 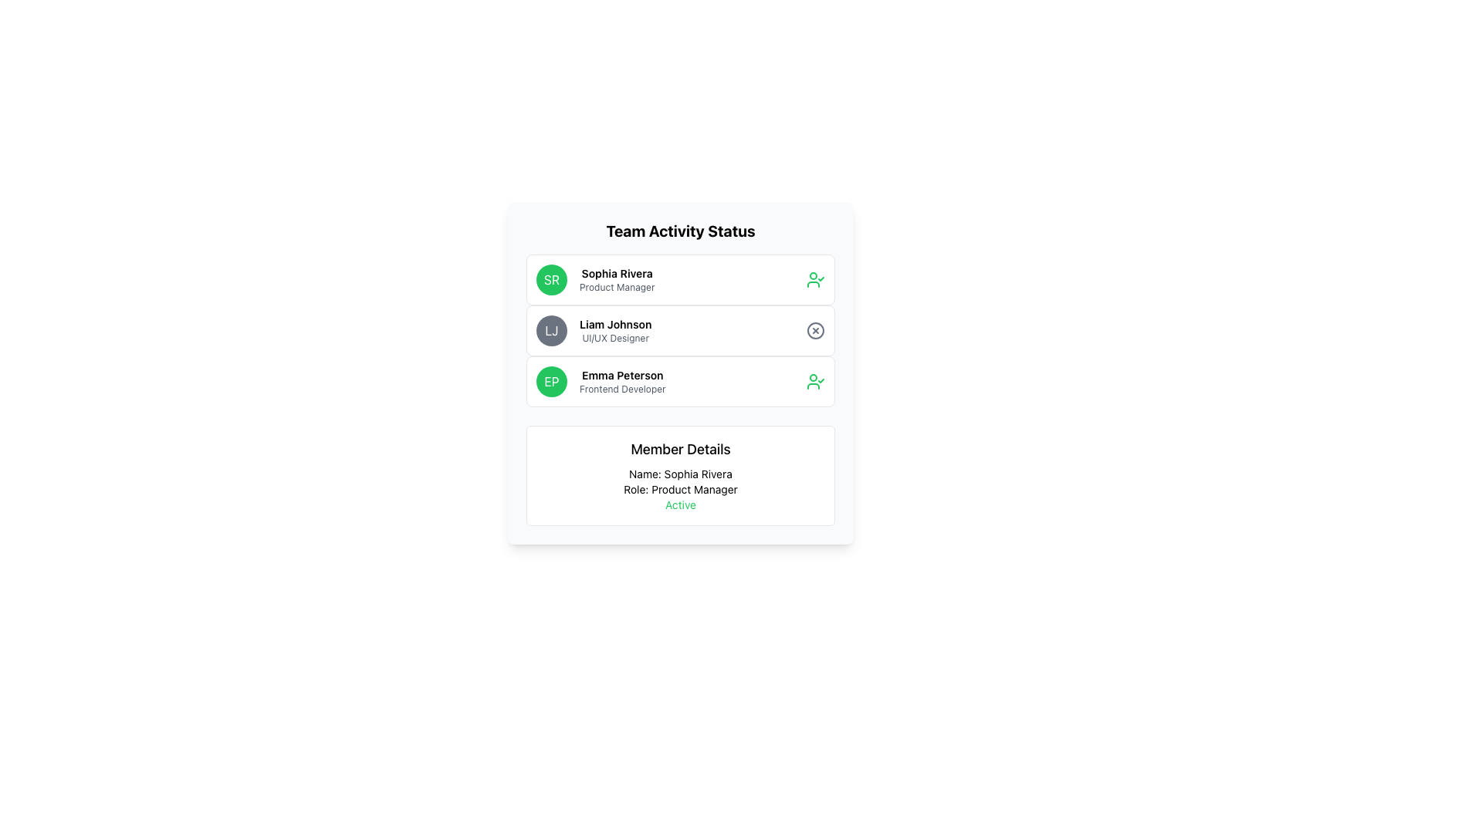 I want to click on the text label displaying the role 'Role: Product Manager' located in the 'Member Details' section, positioned between 'Name: Sophia Rivera' and 'Active', so click(x=680, y=490).